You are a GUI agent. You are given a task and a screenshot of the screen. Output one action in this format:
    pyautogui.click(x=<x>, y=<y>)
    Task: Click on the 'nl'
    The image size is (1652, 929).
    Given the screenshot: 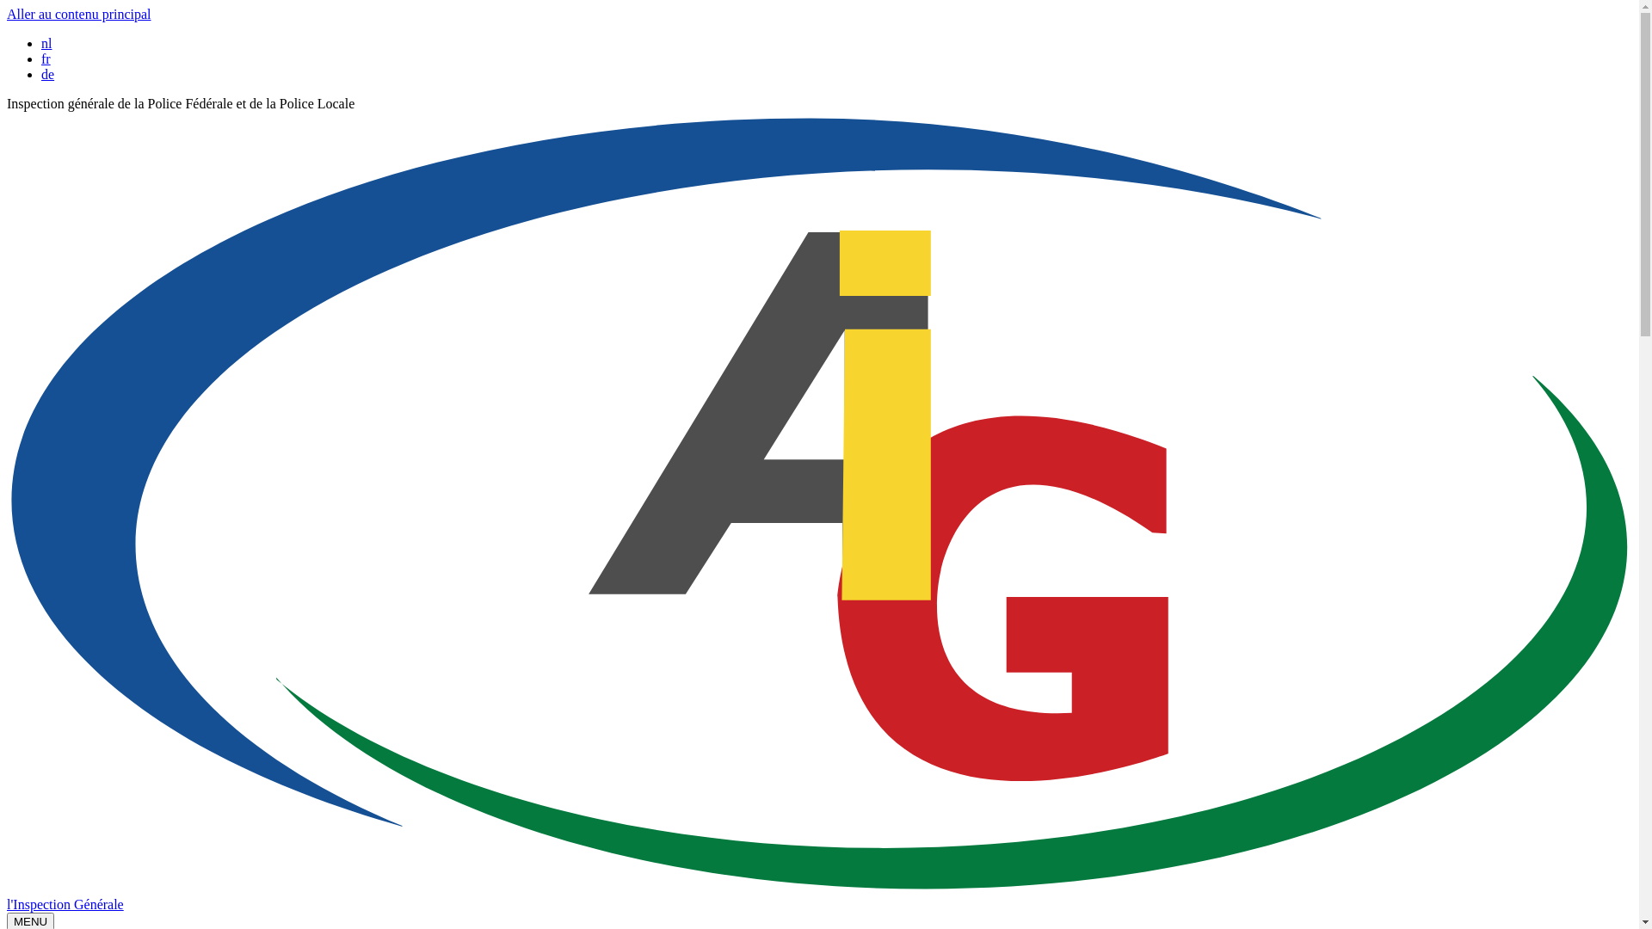 What is the action you would take?
    pyautogui.click(x=41, y=42)
    